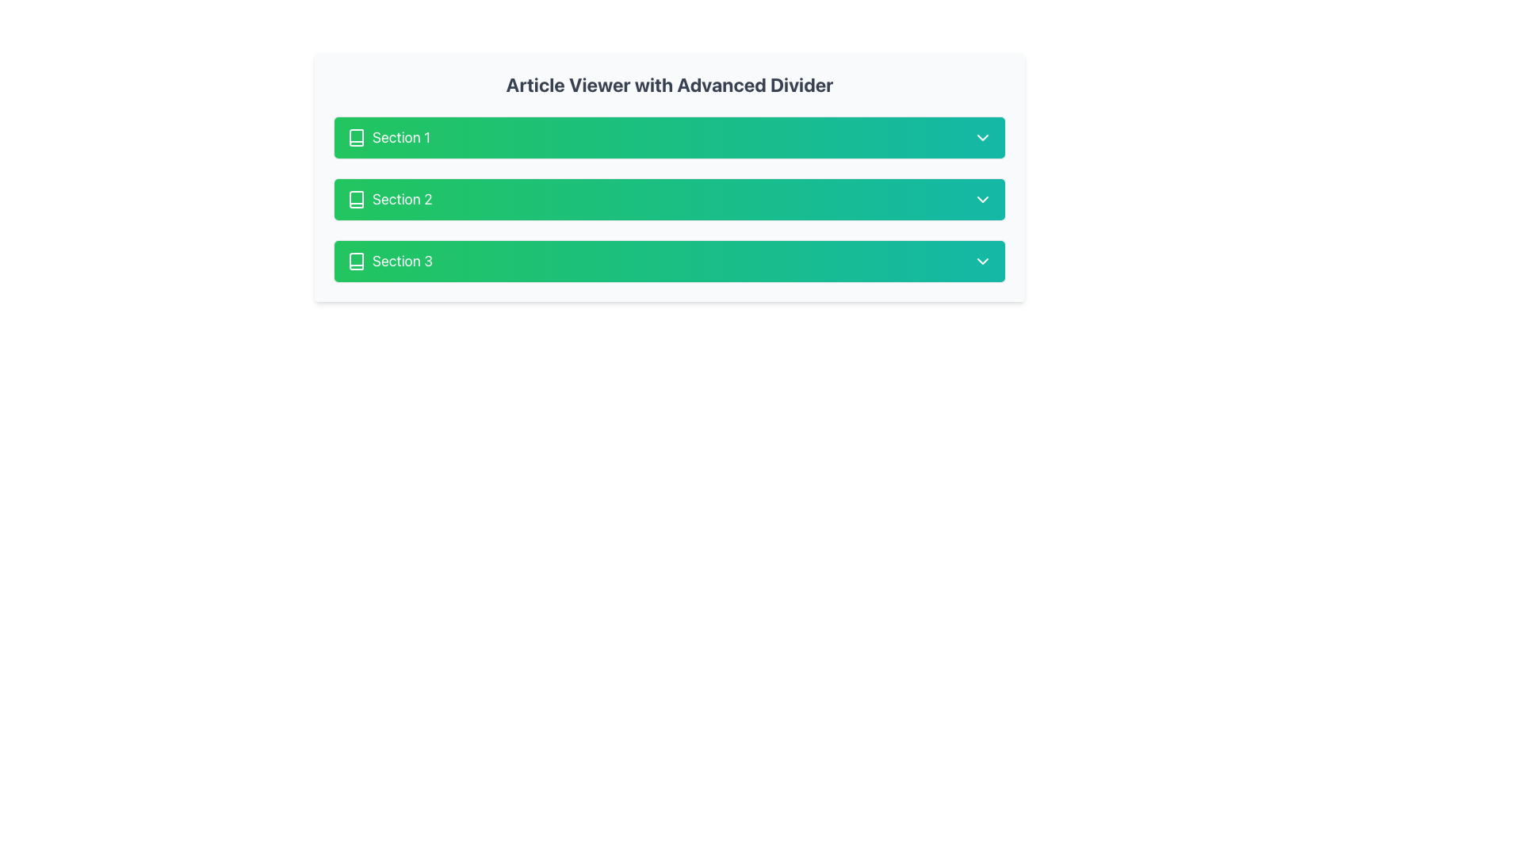 Image resolution: width=1522 pixels, height=856 pixels. What do you see at coordinates (669, 198) in the screenshot?
I see `the second section of the collapsible section header in the 'Article Viewer with Advanced Divider'` at bounding box center [669, 198].